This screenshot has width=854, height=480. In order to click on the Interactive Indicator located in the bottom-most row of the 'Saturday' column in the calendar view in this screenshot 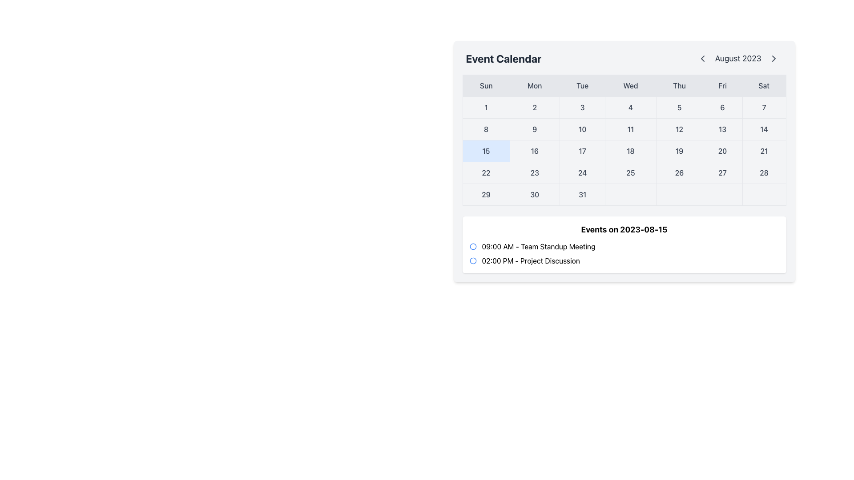, I will do `click(764, 194)`.